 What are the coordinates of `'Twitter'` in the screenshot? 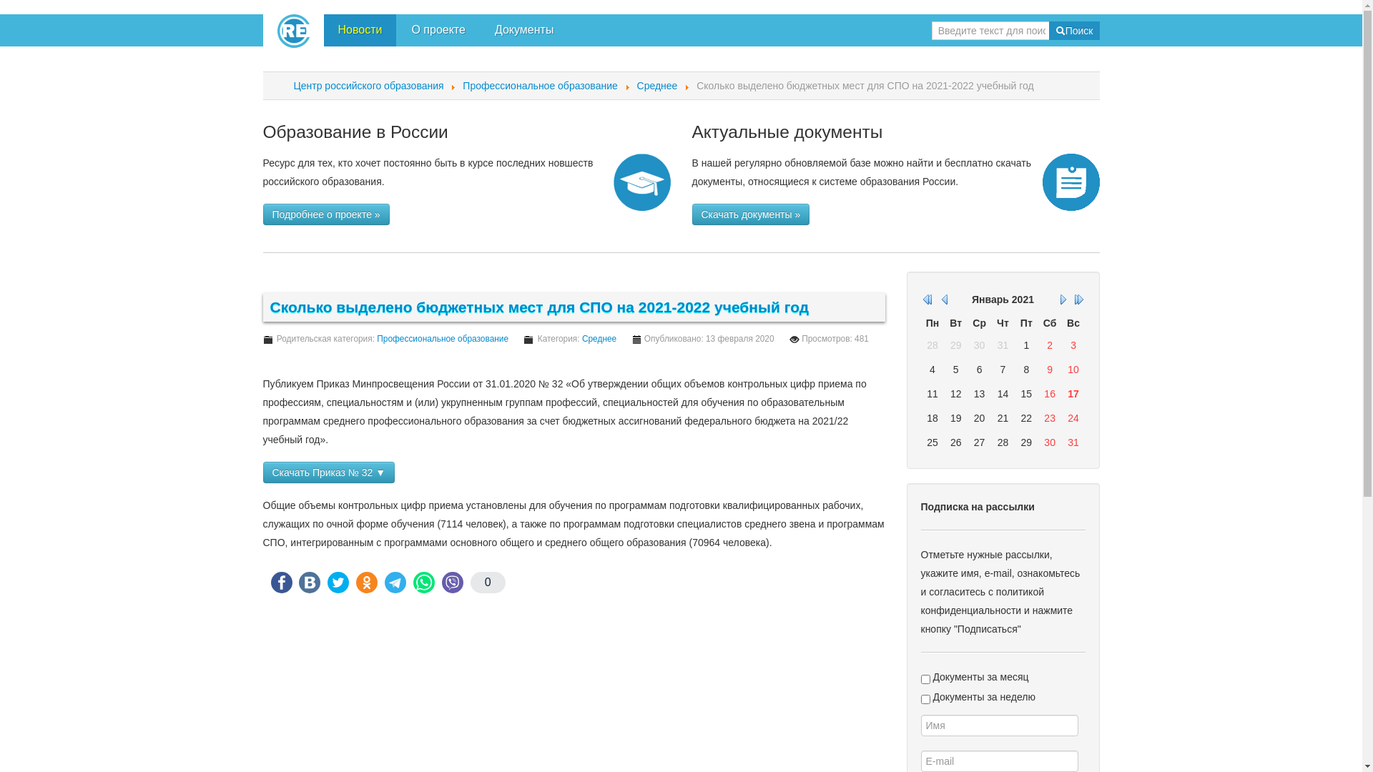 It's located at (326, 582).